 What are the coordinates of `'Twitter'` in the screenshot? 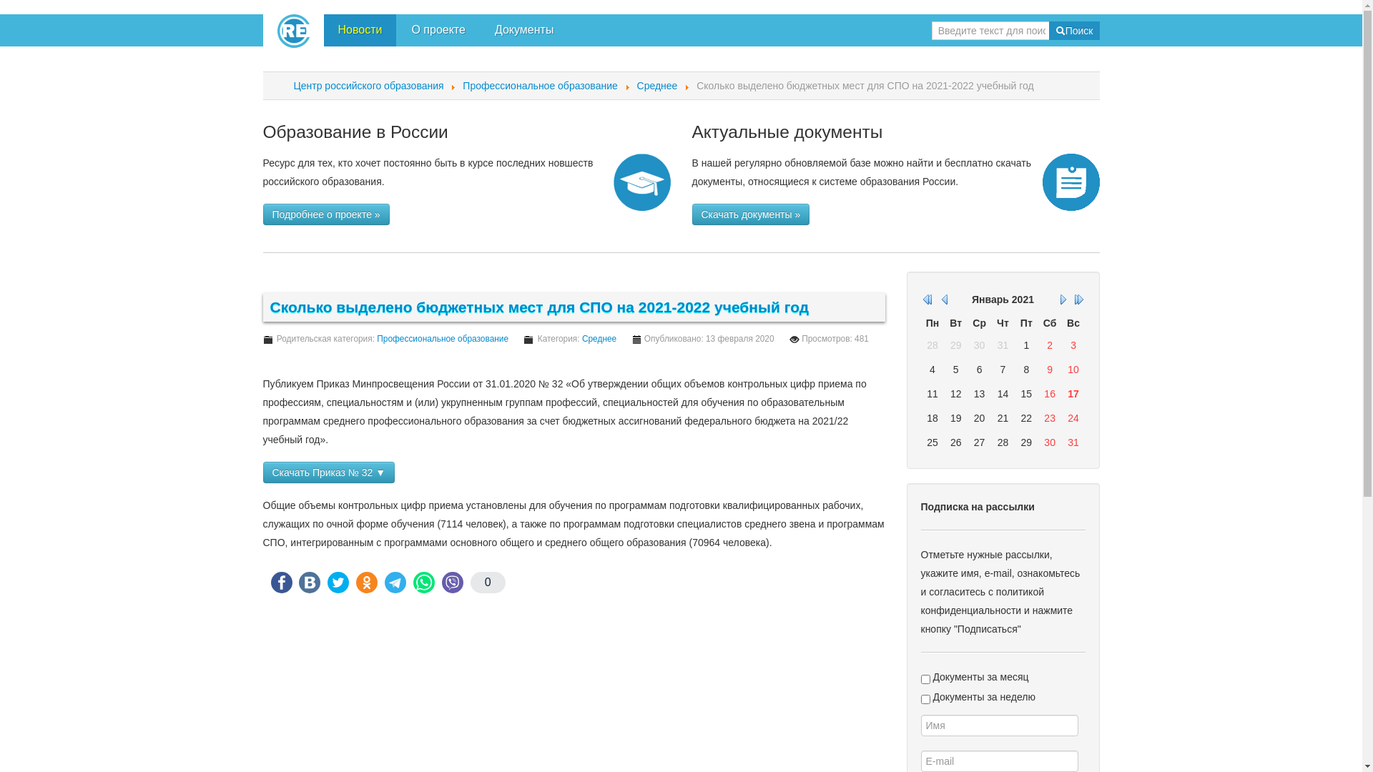 It's located at (326, 582).